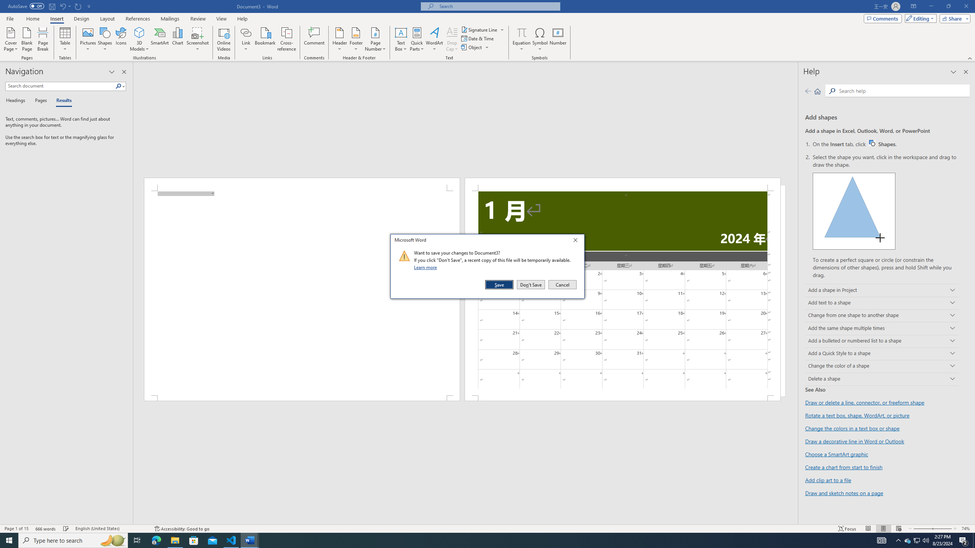  What do you see at coordinates (46, 529) in the screenshot?
I see `'Word Count 666 words'` at bounding box center [46, 529].